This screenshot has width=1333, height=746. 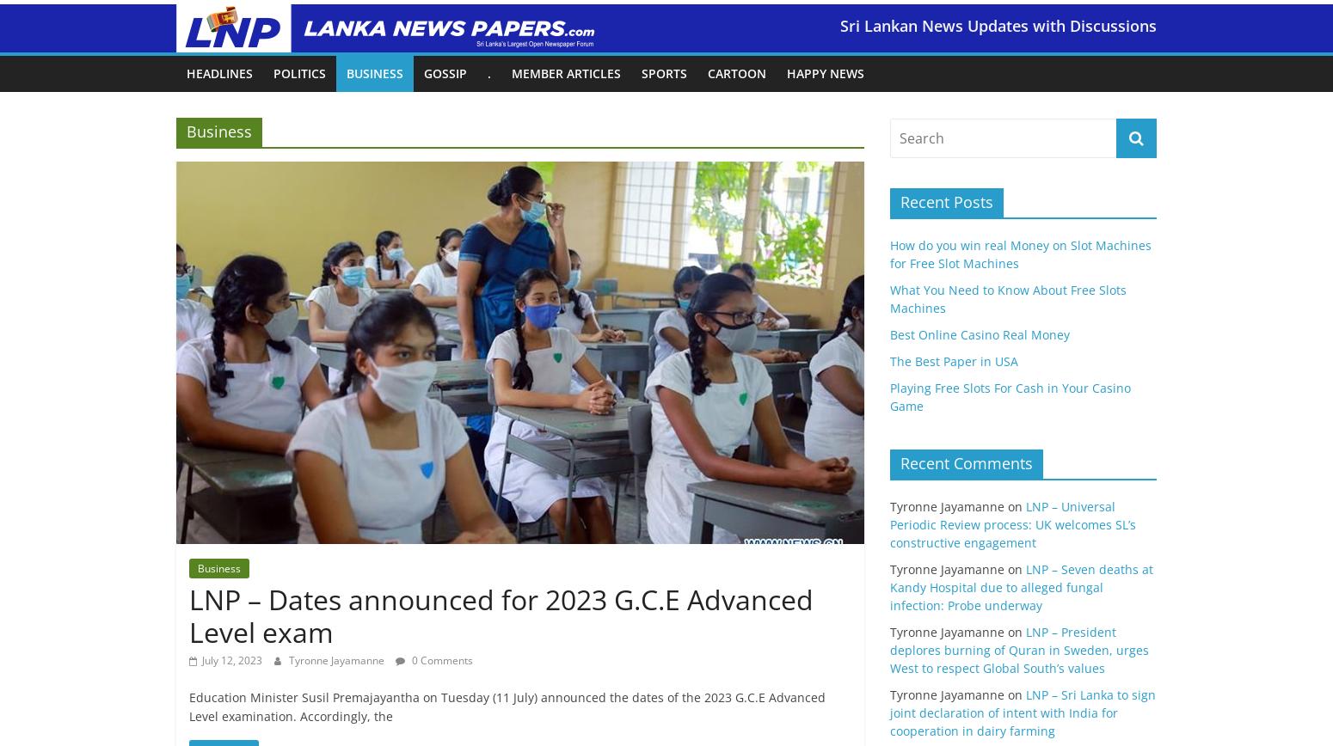 What do you see at coordinates (1023, 712) in the screenshot?
I see `'LNP – Sri Lanka to sign joint declaration of intent with India for cooperation in dairy farming'` at bounding box center [1023, 712].